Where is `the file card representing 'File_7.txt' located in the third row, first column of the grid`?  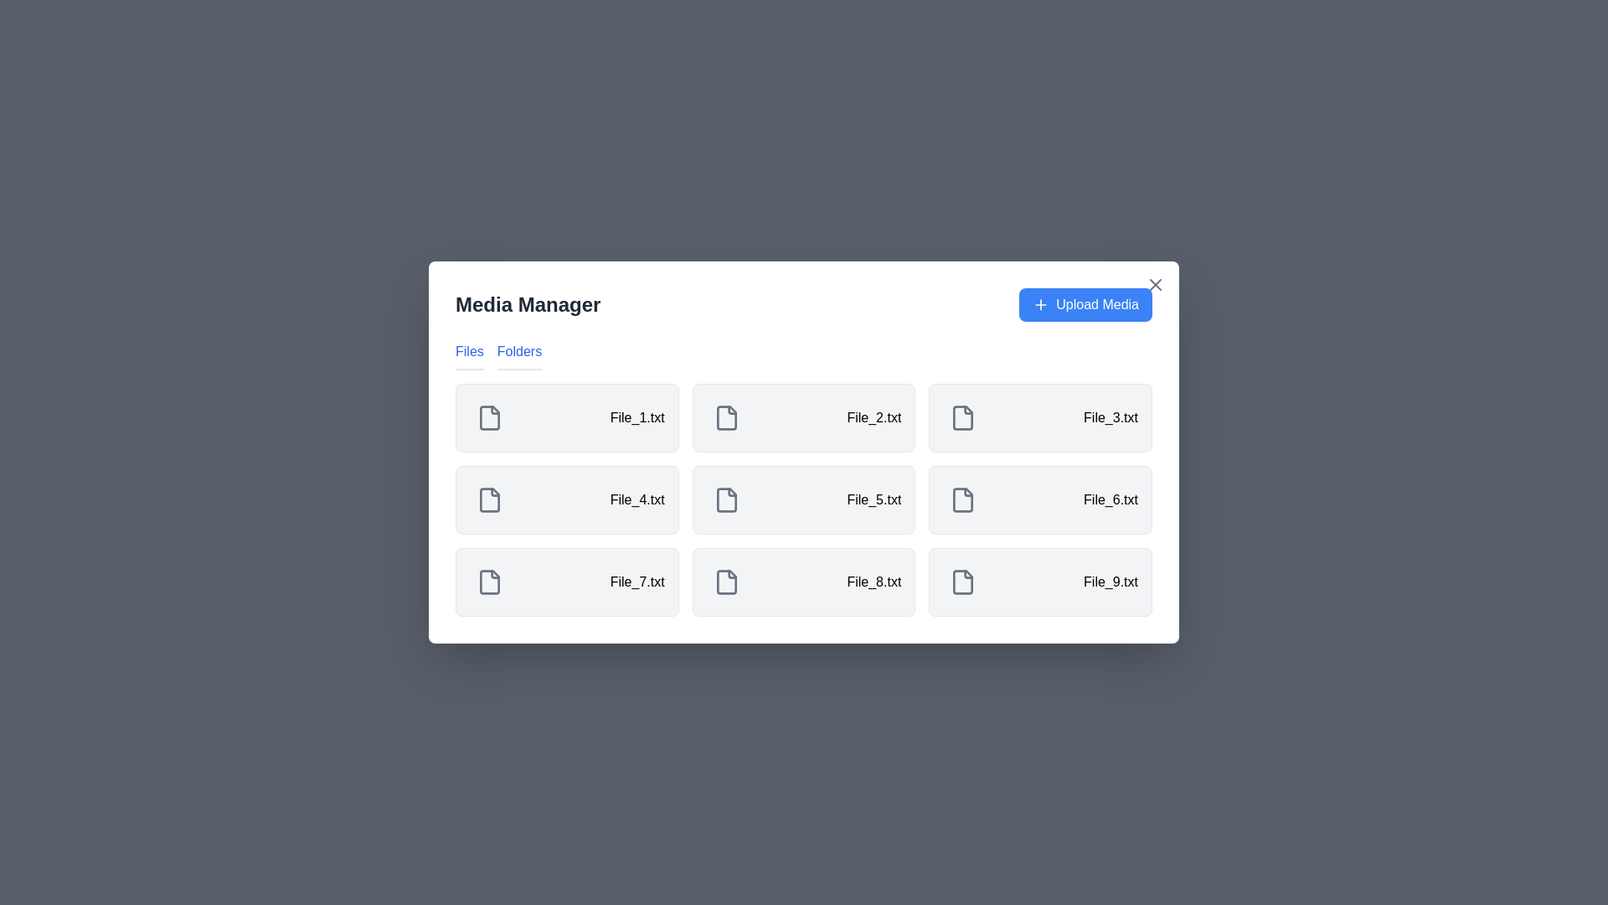
the file card representing 'File_7.txt' located in the third row, first column of the grid is located at coordinates (567, 581).